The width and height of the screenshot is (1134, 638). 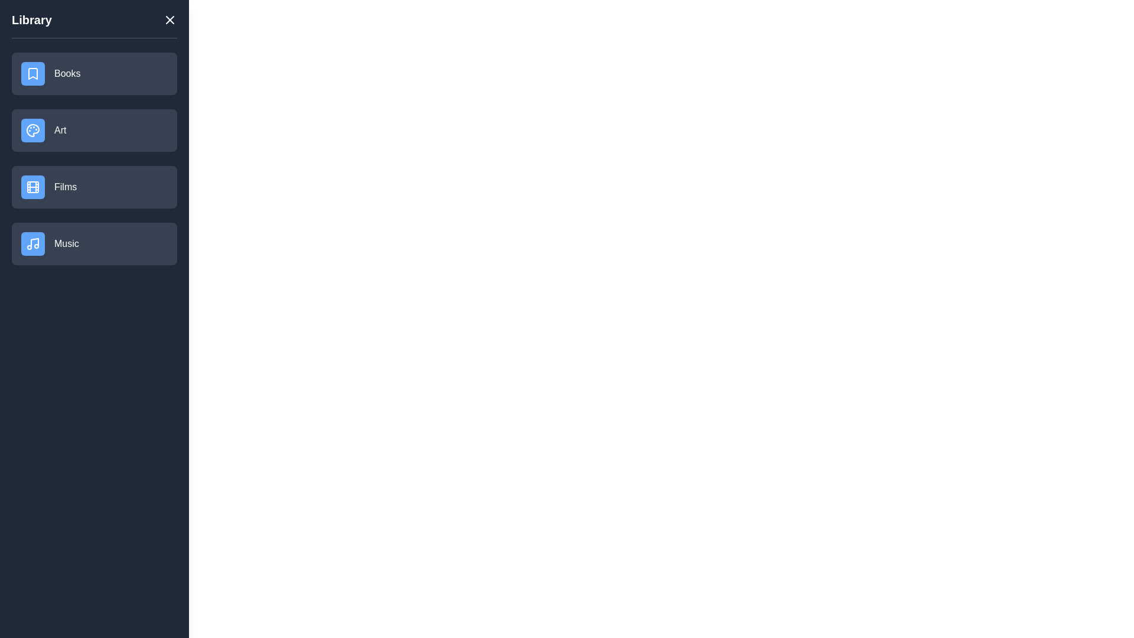 I want to click on the close button at the top-right corner of the drawer to toggle its visibility, so click(x=170, y=20).